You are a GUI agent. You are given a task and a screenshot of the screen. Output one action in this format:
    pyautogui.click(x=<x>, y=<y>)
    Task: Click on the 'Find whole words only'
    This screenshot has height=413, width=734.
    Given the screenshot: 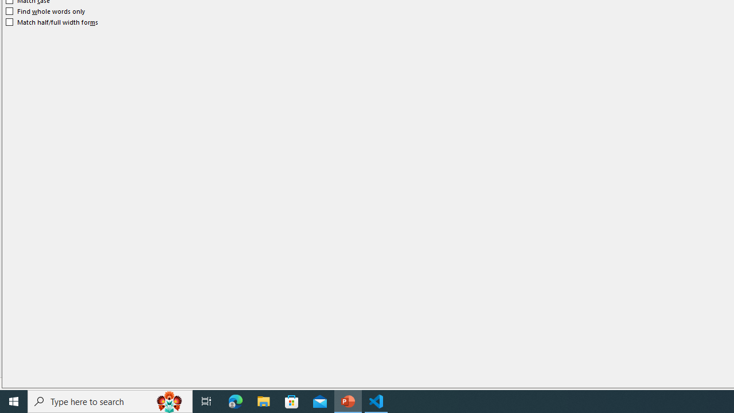 What is the action you would take?
    pyautogui.click(x=46, y=11)
    